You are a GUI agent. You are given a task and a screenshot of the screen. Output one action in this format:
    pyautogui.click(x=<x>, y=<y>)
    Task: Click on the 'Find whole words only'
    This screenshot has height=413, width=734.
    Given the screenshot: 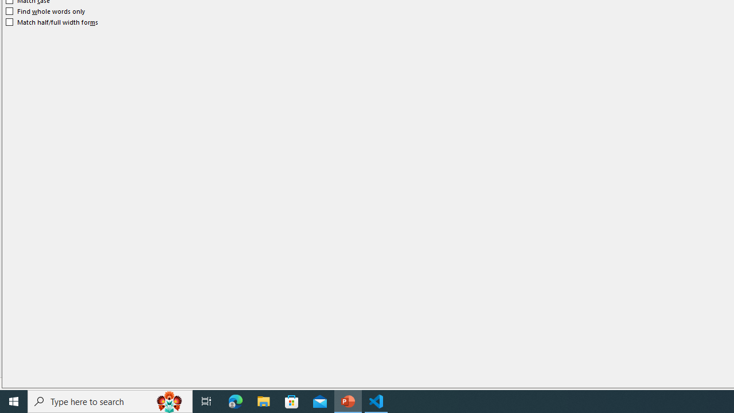 What is the action you would take?
    pyautogui.click(x=46, y=11)
    